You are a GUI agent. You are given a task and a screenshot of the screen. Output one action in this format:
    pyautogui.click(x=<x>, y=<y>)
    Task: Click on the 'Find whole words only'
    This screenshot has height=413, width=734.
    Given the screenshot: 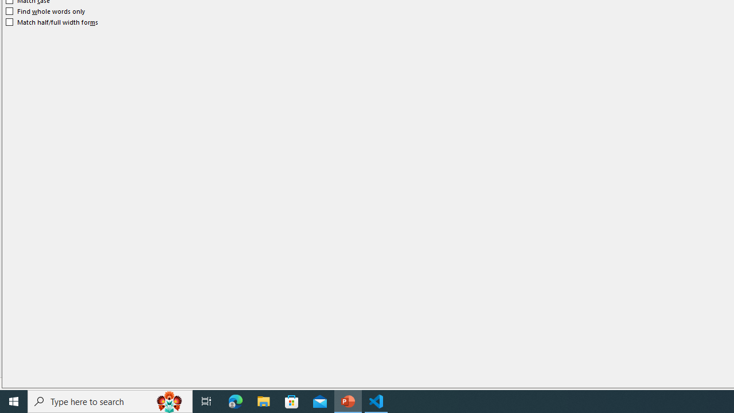 What is the action you would take?
    pyautogui.click(x=46, y=11)
    